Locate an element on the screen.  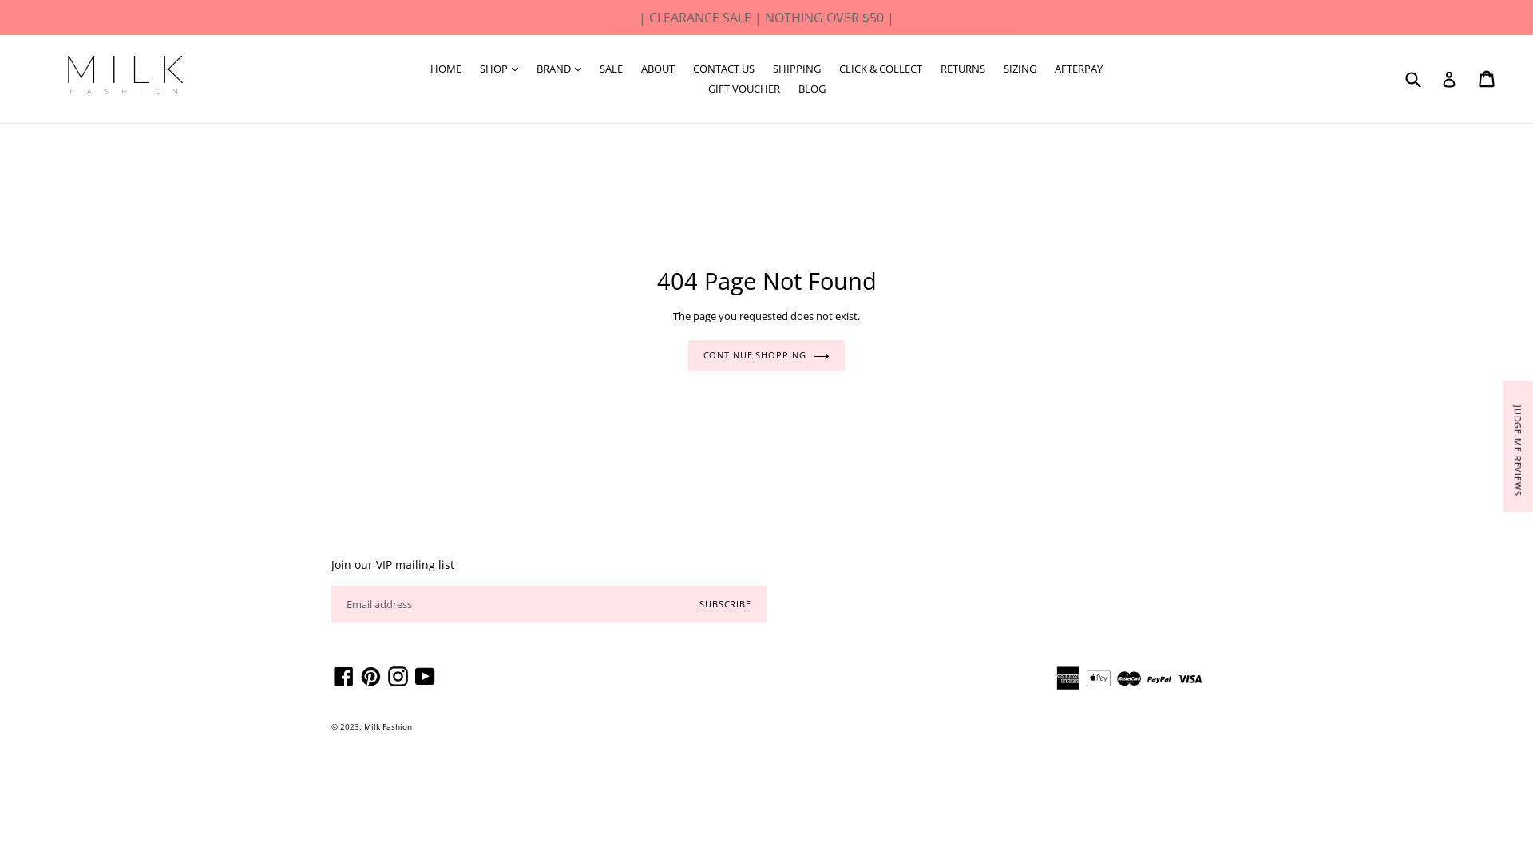
'CONTACT US' is located at coordinates (723, 69).